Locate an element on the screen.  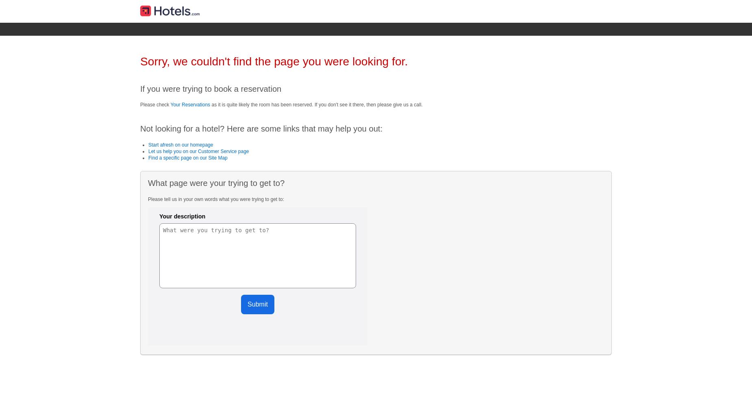
'Let us help you on our Customer Service page' is located at coordinates (148, 151).